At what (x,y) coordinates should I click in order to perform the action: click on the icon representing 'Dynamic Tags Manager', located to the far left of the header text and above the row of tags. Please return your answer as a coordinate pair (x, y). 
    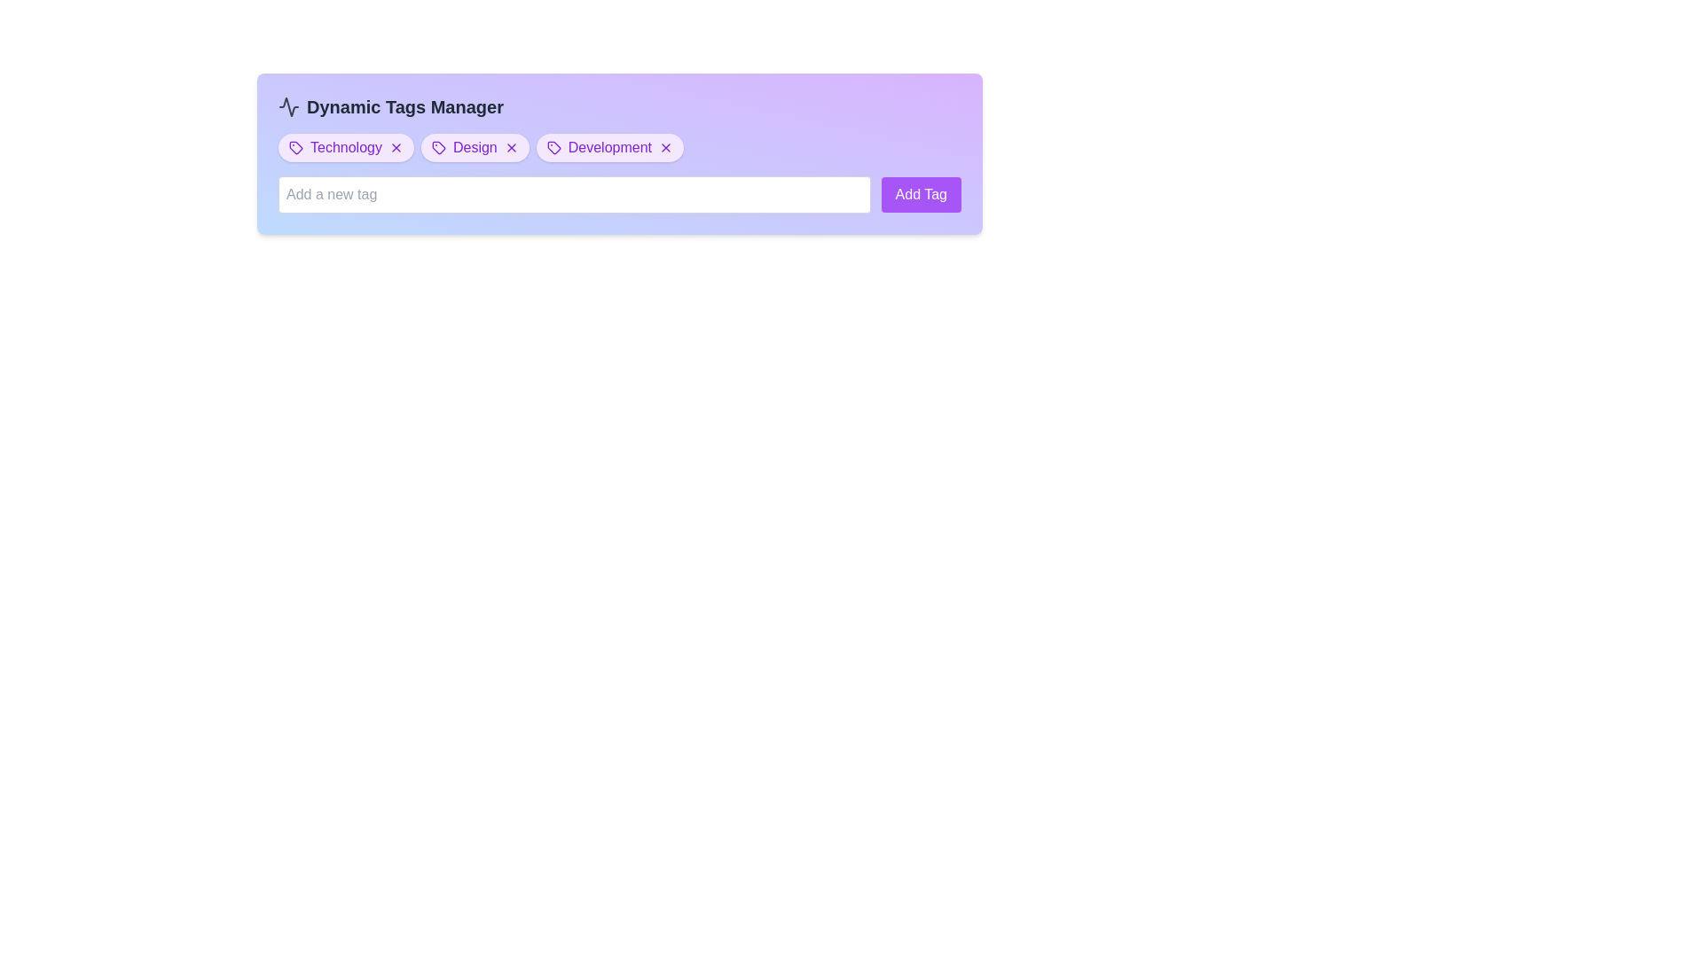
    Looking at the image, I should click on (289, 106).